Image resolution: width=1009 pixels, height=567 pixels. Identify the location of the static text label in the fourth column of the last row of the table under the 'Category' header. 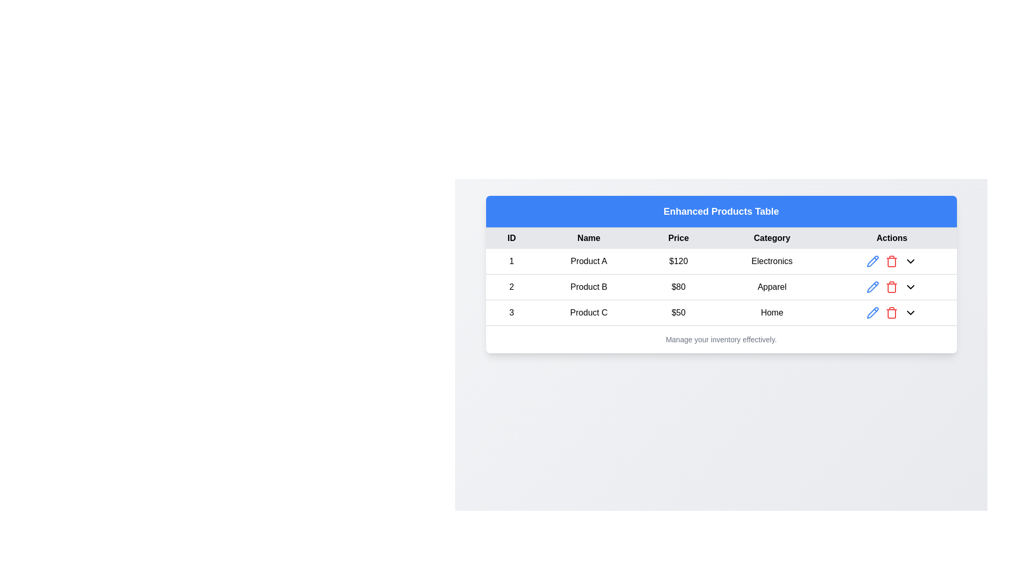
(772, 312).